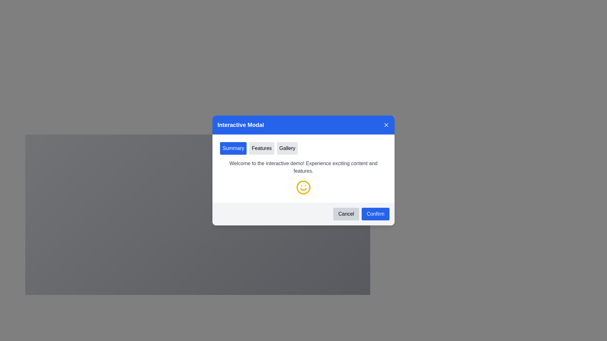  I want to click on text that says 'Welcome to the interactive demo! Experience exciting content and features.' which is styled in gray and located centrally in a modal dialog, below the navigation tabs and above a graphical smiley face icon, so click(303, 167).